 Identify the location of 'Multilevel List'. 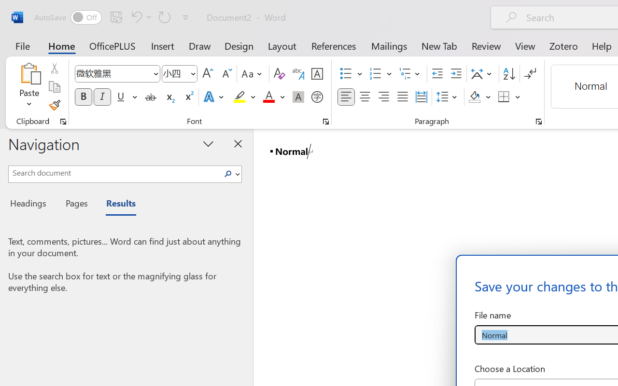
(410, 74).